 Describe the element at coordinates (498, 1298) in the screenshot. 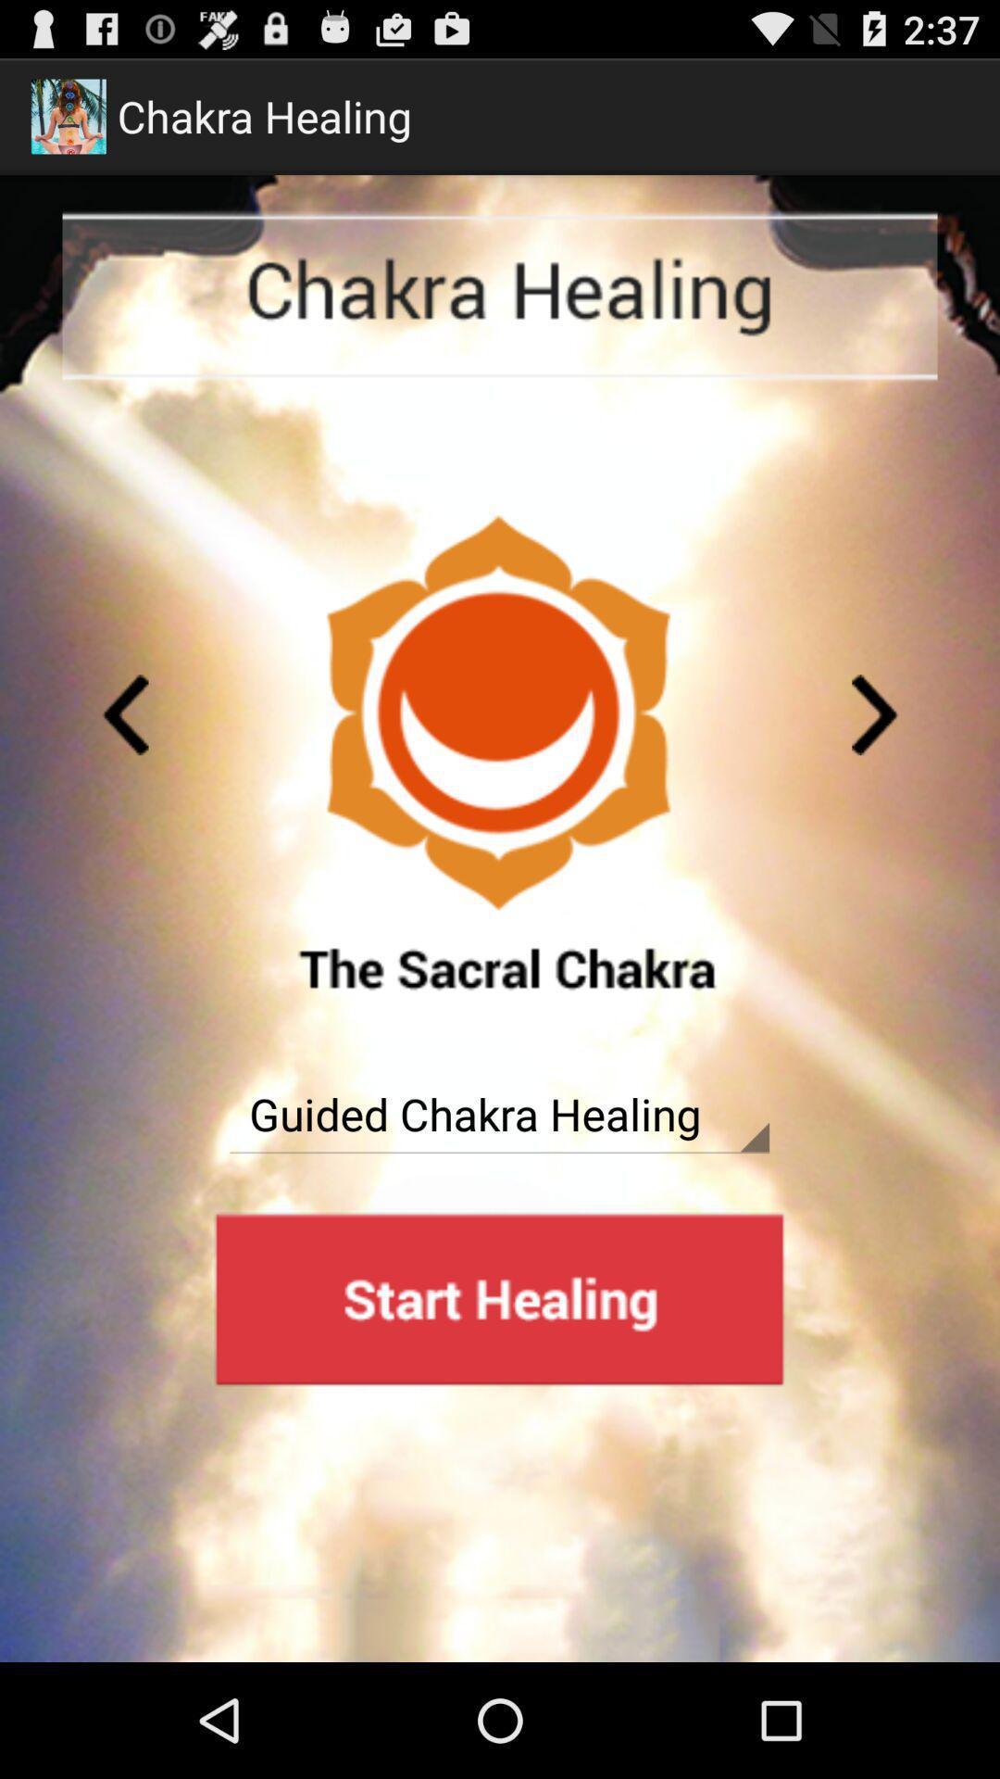

I see `start button` at that location.